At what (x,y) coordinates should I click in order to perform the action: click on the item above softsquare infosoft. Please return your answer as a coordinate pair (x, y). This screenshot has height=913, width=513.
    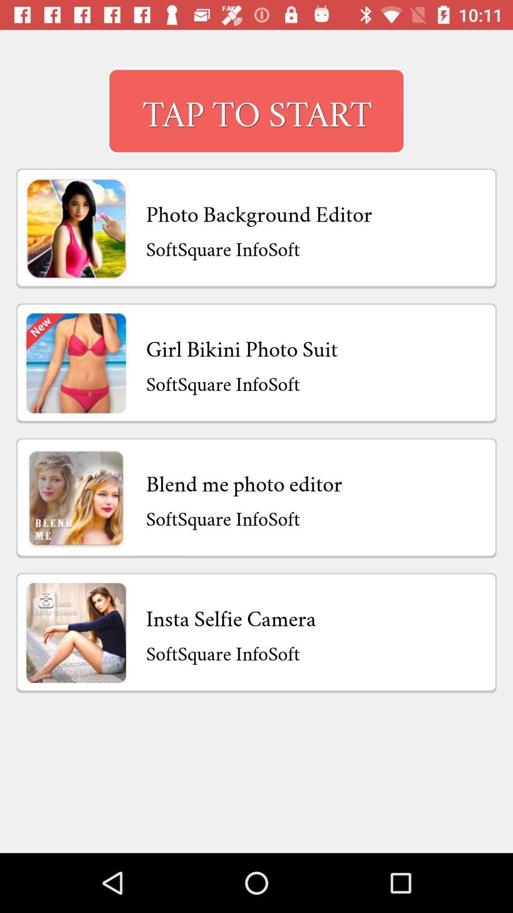
    Looking at the image, I should click on (241, 346).